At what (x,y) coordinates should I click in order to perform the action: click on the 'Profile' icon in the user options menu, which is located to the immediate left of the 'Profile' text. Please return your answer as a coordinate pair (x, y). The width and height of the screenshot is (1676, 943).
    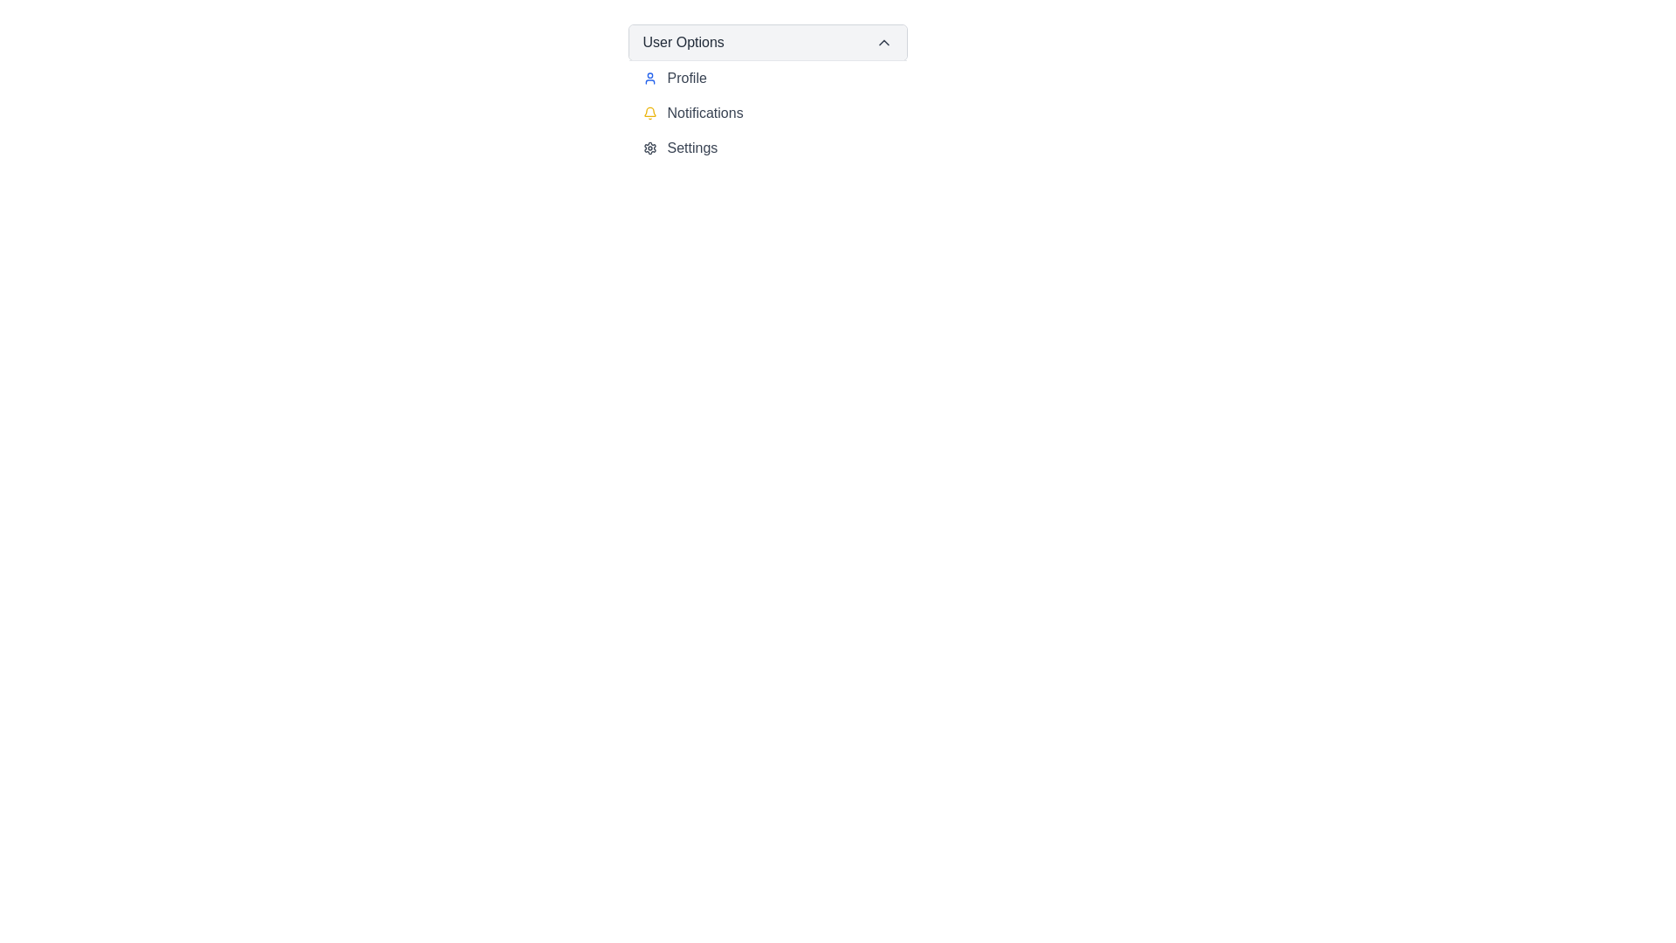
    Looking at the image, I should click on (649, 77).